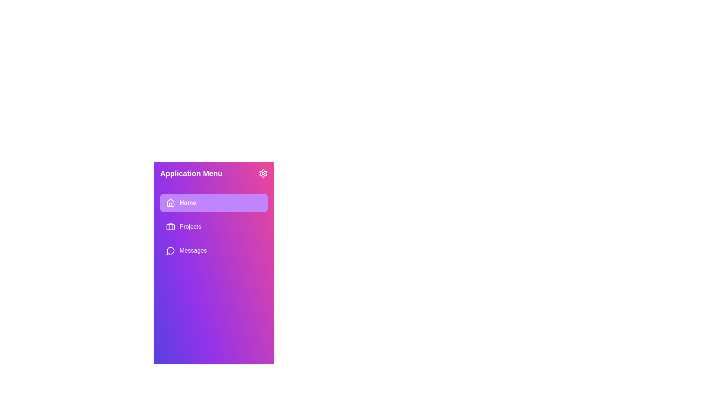 This screenshot has height=403, width=717. I want to click on the settings icon located at the top-right corner of the Application Menu, so click(263, 174).